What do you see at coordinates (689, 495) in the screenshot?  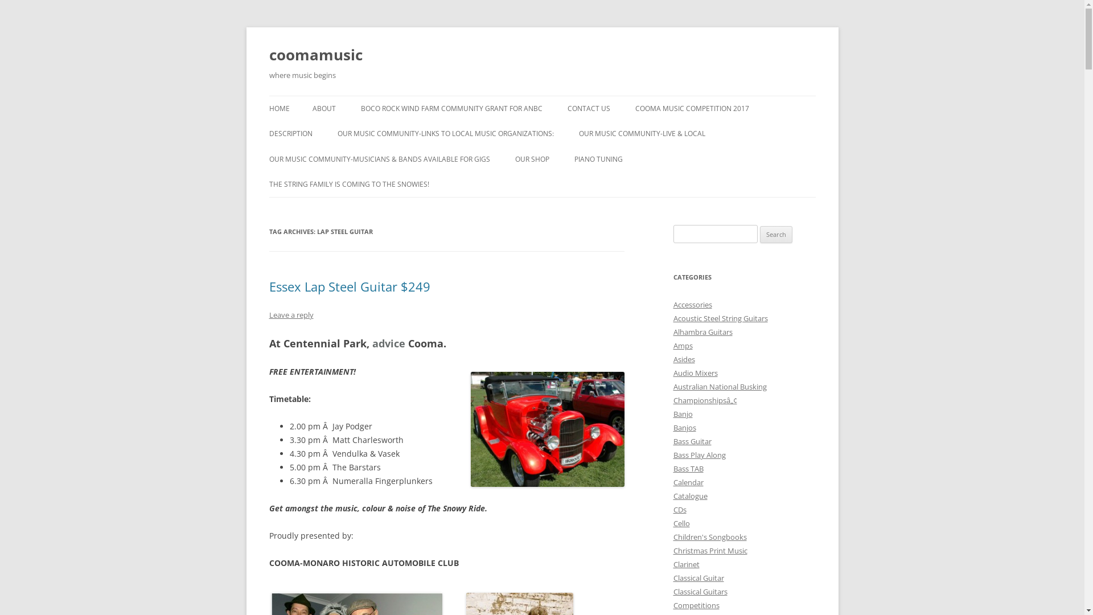 I see `'Catalogue'` at bounding box center [689, 495].